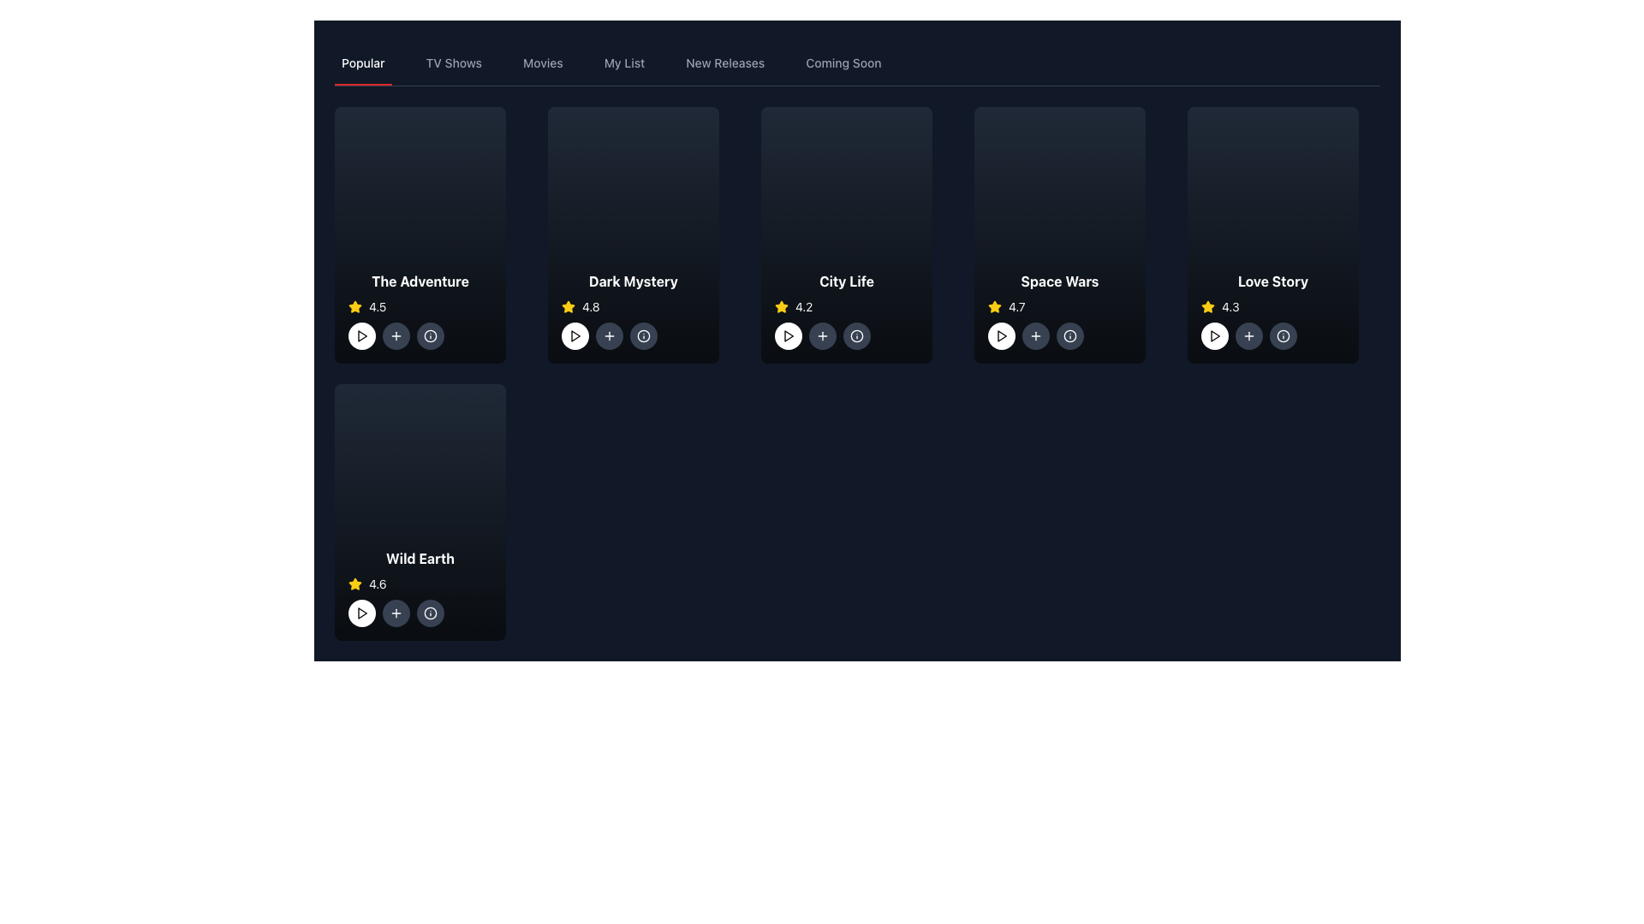 Image resolution: width=1644 pixels, height=924 pixels. What do you see at coordinates (1034, 336) in the screenshot?
I see `the 'Add' button located inside the circular button at the bottom center of the third card in the second row of the grid` at bounding box center [1034, 336].